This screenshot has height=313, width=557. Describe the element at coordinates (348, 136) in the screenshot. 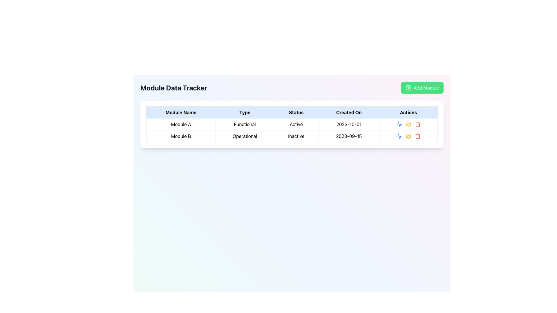

I see `displayed text in the text box showing the date '2023-09-15', located in the last column of the second row corresponding to 'Module B' with status 'Inactive'` at that location.